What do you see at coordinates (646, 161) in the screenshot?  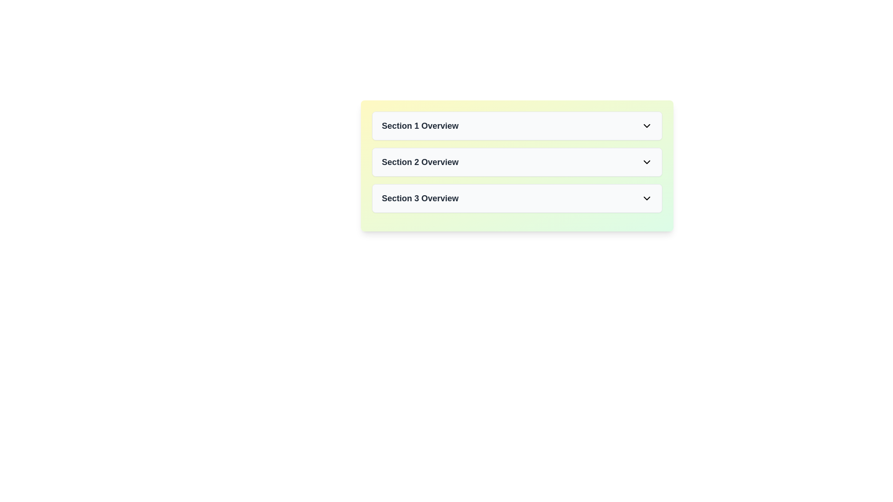 I see `the small down-pointing chevron icon with a black outline located at the right end of the 'Section 2 Overview' entry` at bounding box center [646, 161].